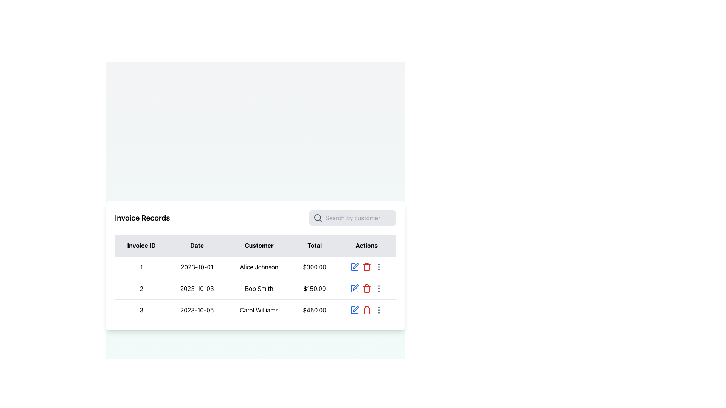 The width and height of the screenshot is (726, 408). What do you see at coordinates (259, 288) in the screenshot?
I see `the label displaying the text 'Bob Smith' in the 'Customer' column of the invoice table` at bounding box center [259, 288].